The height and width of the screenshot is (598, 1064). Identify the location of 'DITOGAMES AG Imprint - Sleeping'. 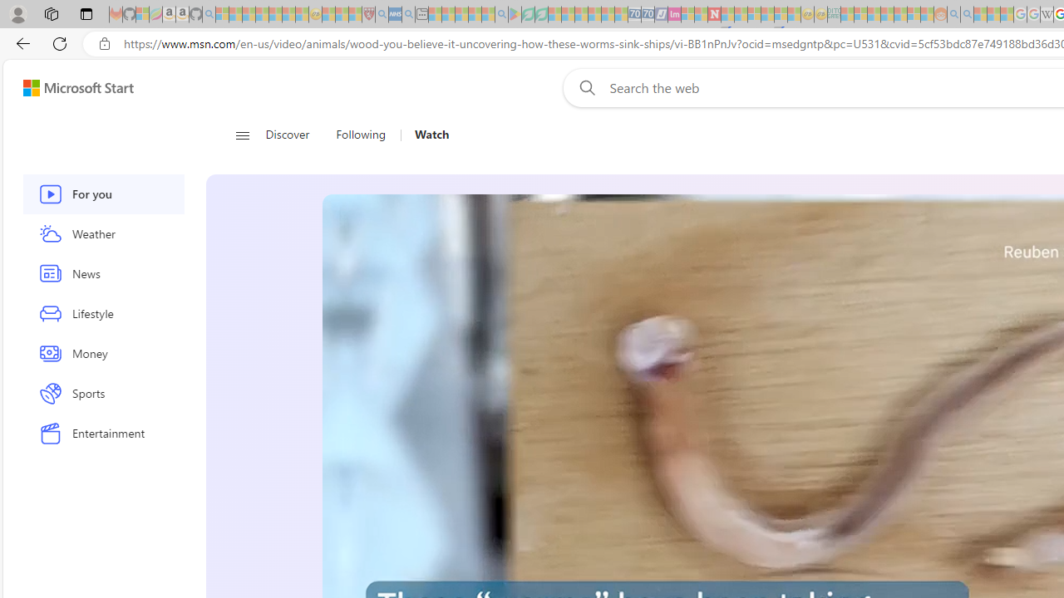
(834, 14).